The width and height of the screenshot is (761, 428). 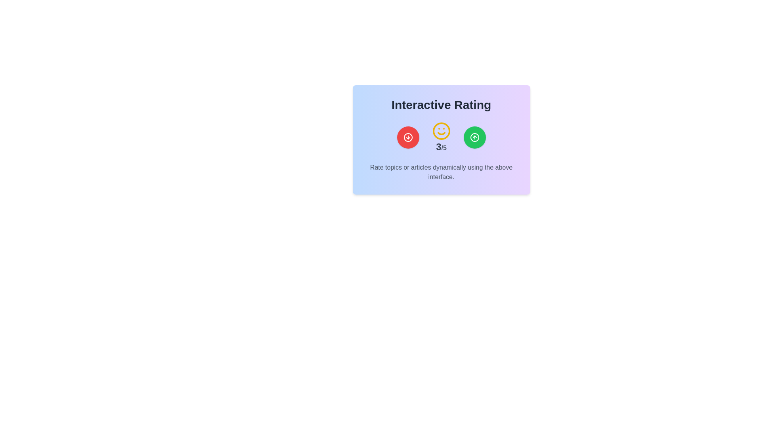 What do you see at coordinates (474, 137) in the screenshot?
I see `the SVG Circle Element located in the green circular icon on the right in the rating interface, which is part of the interactive icons under the 'Interactive Rating' title` at bounding box center [474, 137].